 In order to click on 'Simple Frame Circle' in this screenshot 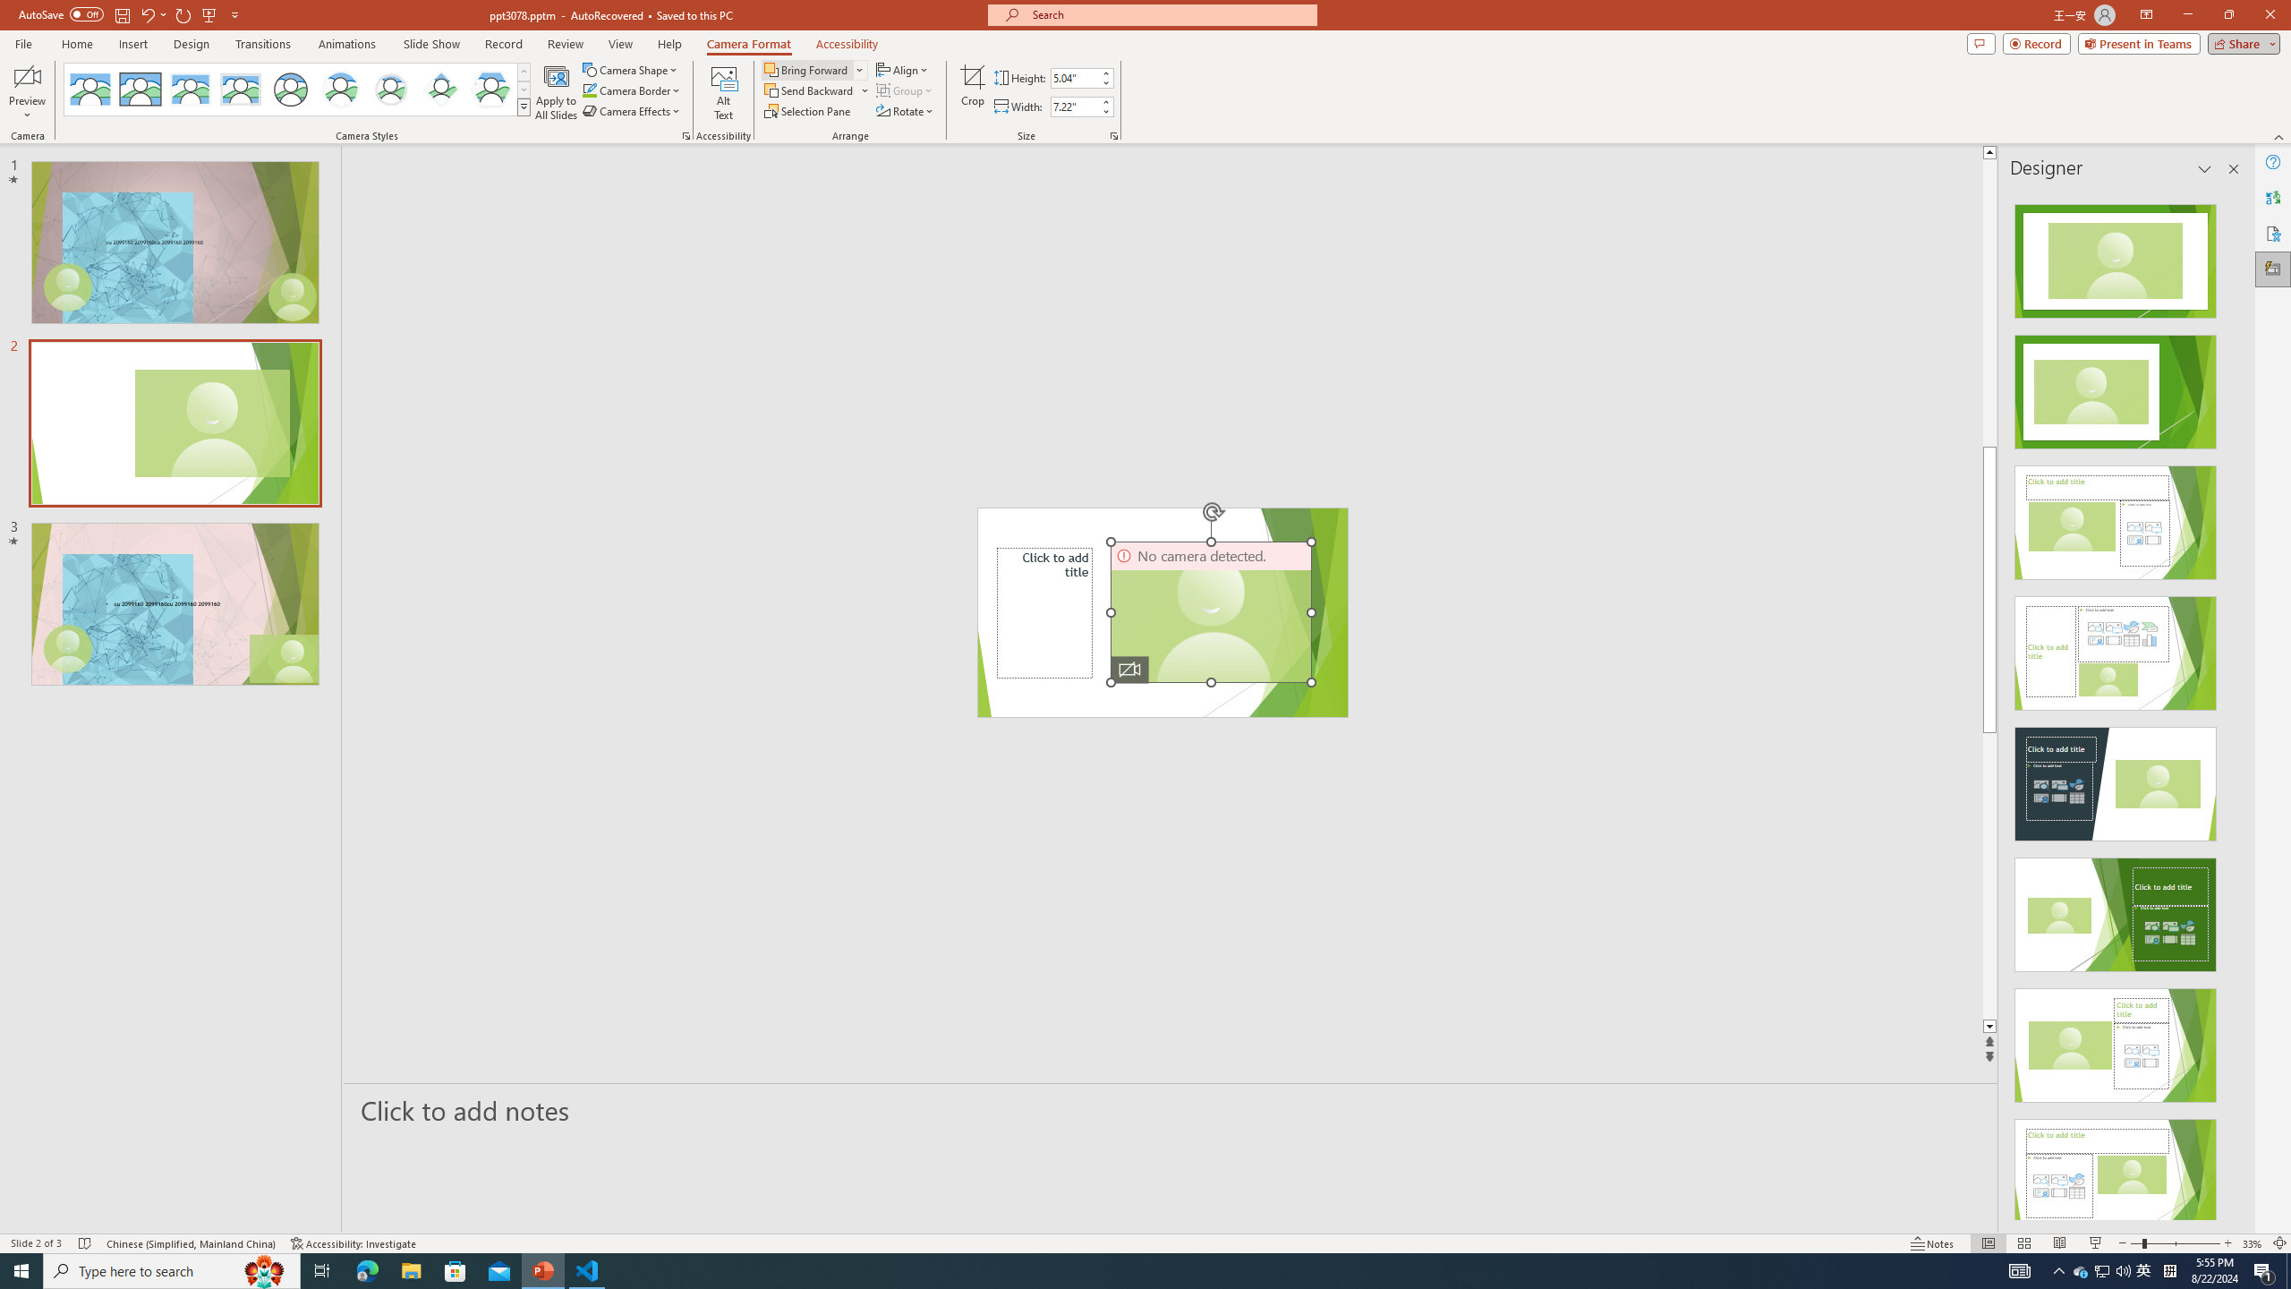, I will do `click(291, 89)`.